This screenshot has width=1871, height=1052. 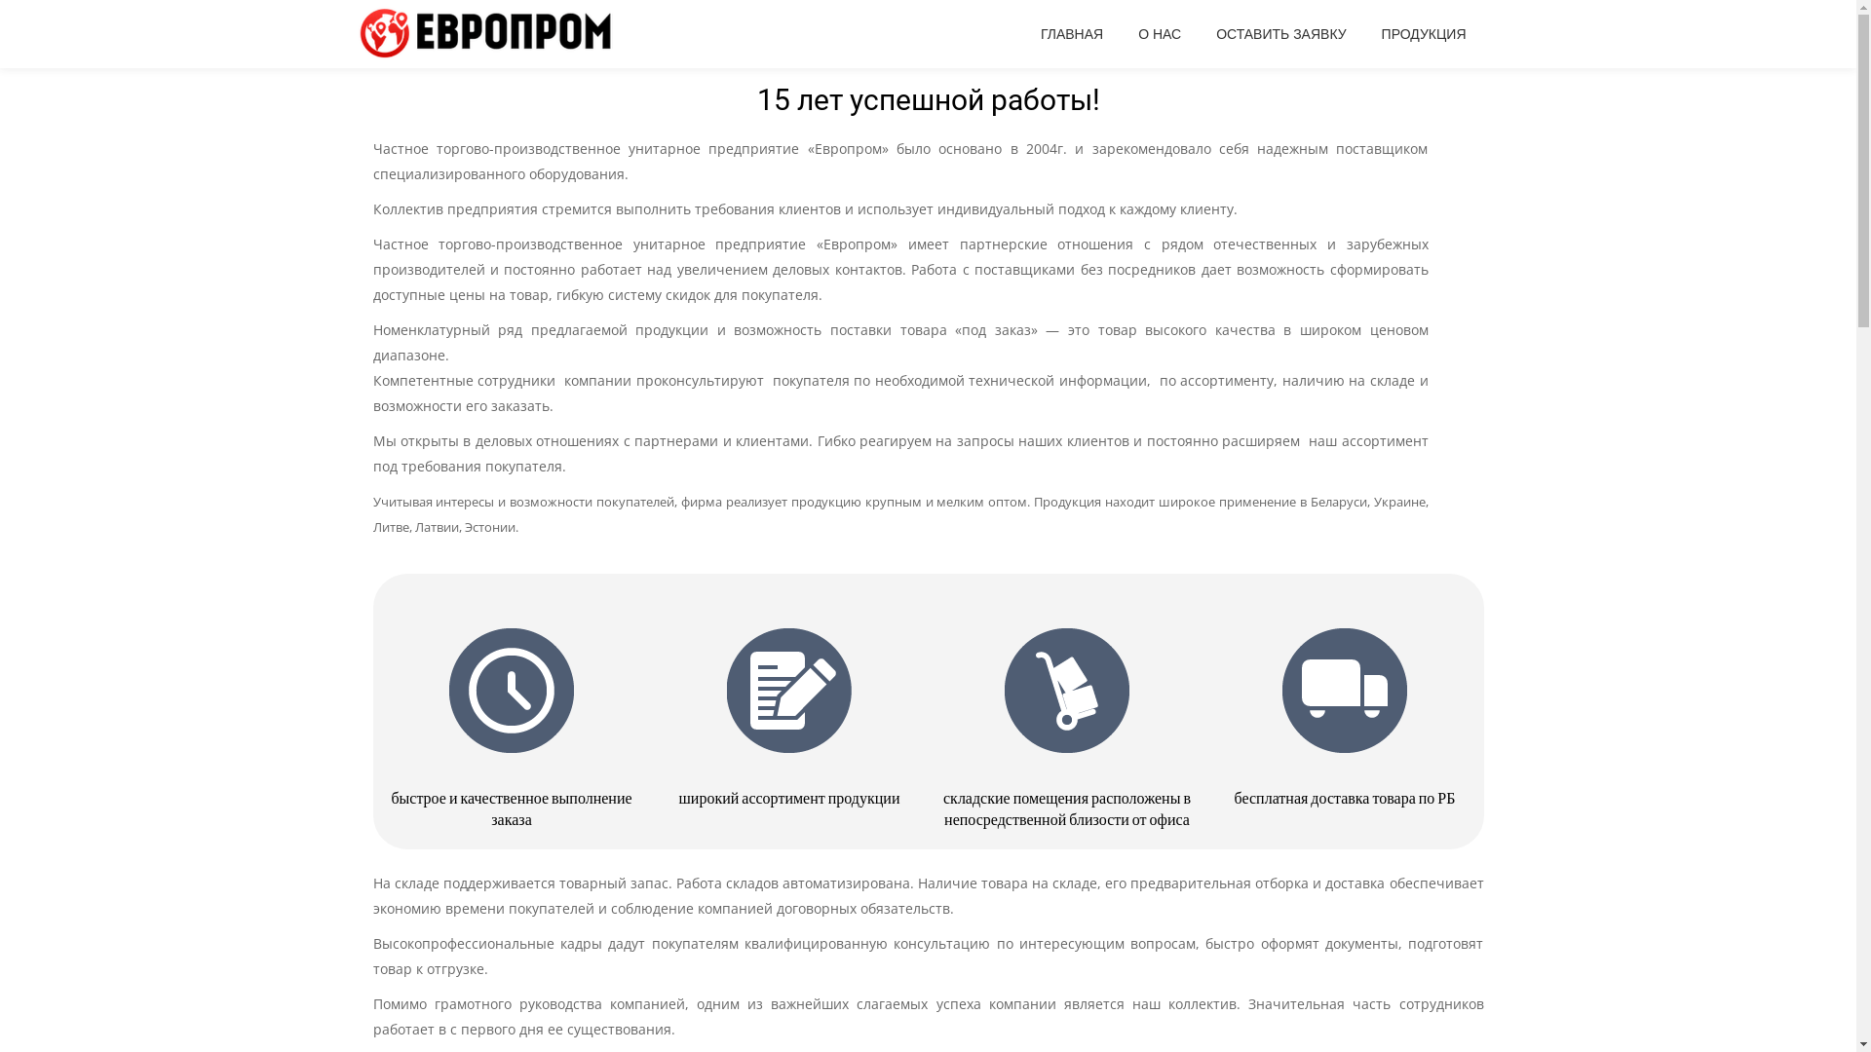 What do you see at coordinates (491, 33) in the screenshot?
I see `'Evroprom'` at bounding box center [491, 33].